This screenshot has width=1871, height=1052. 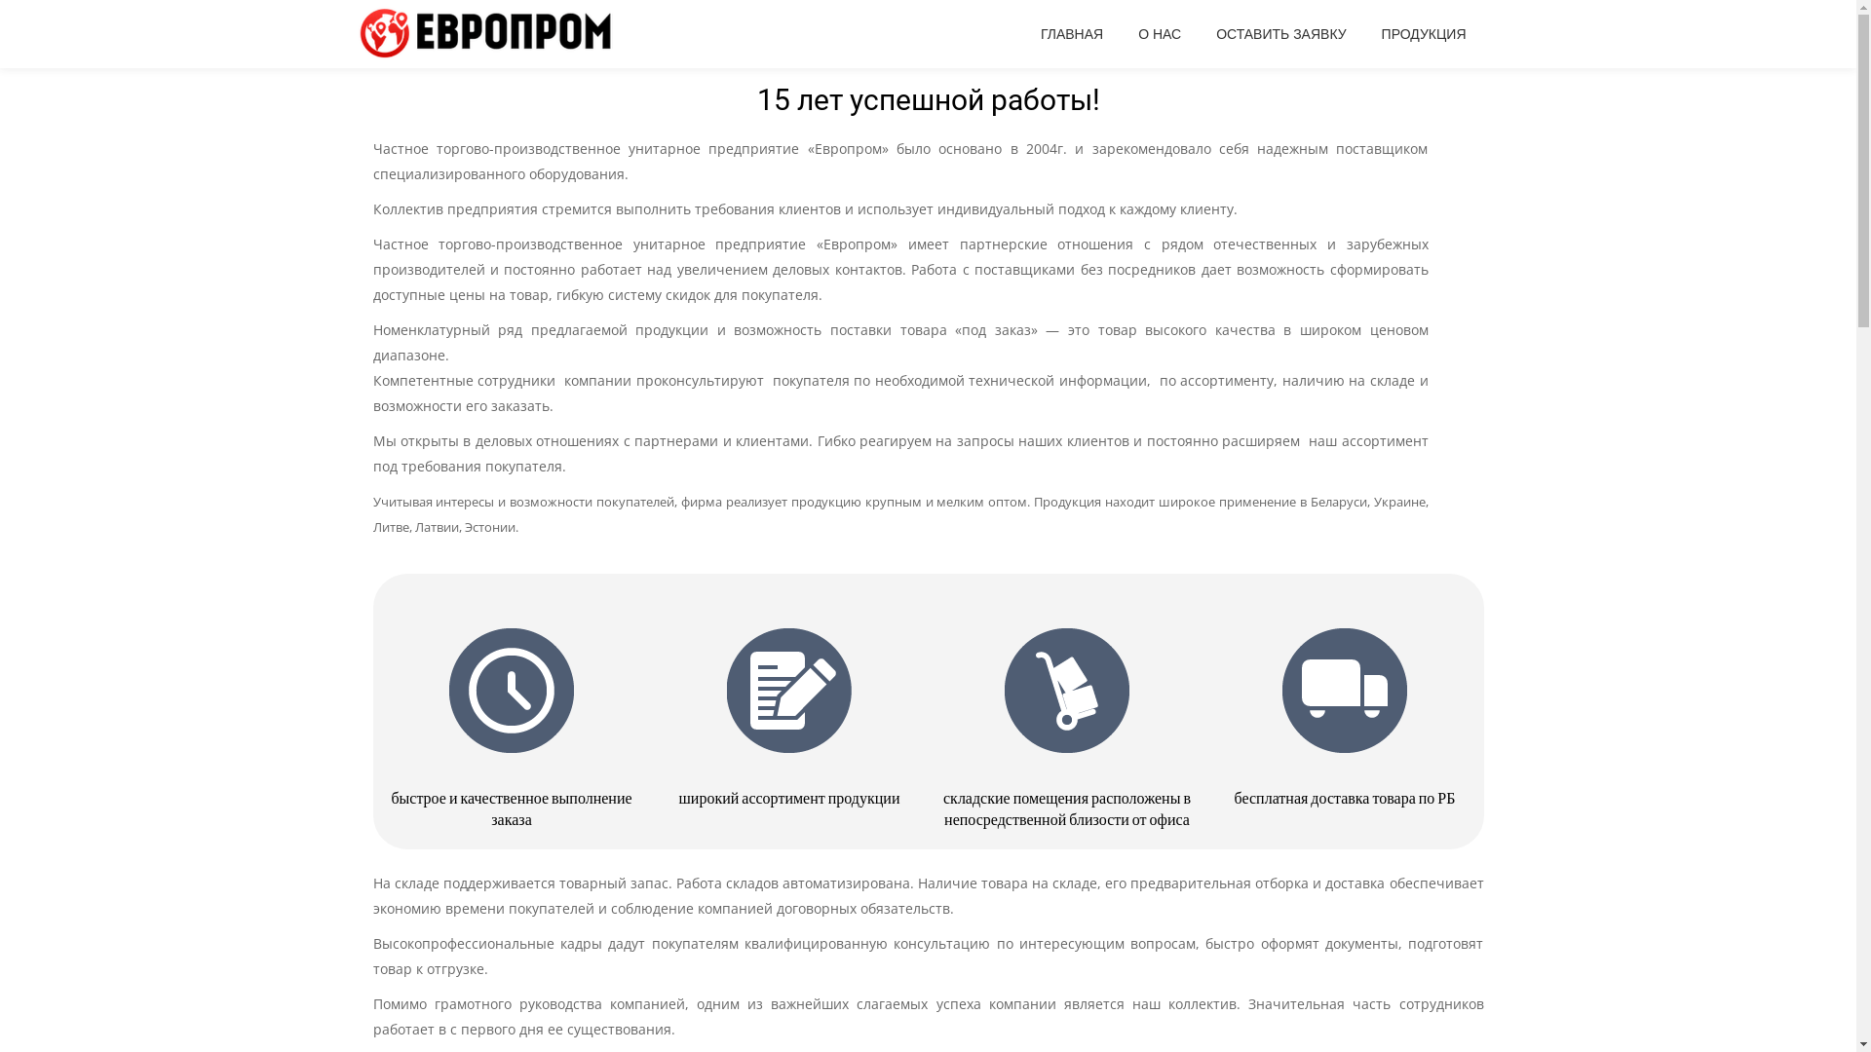 What do you see at coordinates (491, 33) in the screenshot?
I see `'Evroprom'` at bounding box center [491, 33].